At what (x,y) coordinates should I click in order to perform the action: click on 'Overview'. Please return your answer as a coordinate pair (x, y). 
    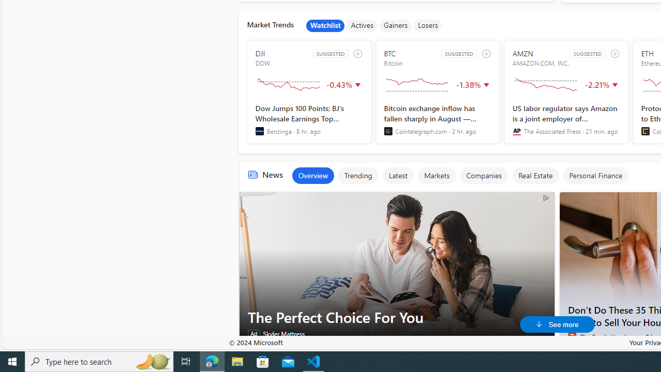
    Looking at the image, I should click on (312, 175).